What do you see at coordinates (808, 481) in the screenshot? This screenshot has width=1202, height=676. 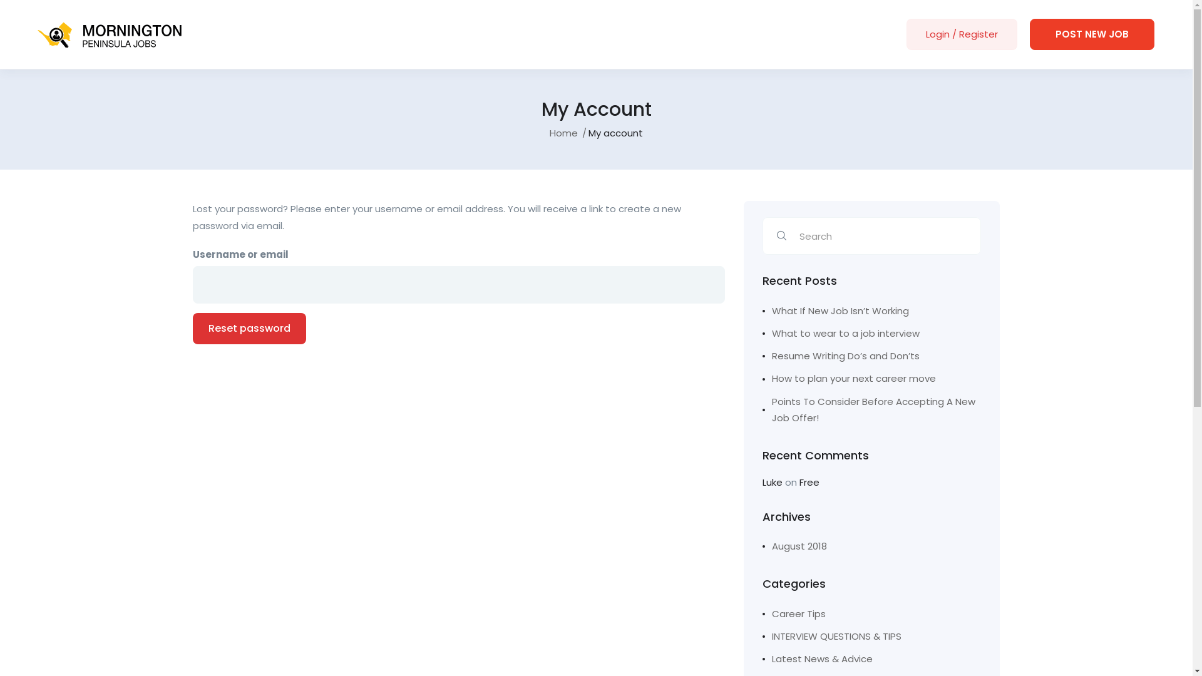 I see `'Free'` at bounding box center [808, 481].